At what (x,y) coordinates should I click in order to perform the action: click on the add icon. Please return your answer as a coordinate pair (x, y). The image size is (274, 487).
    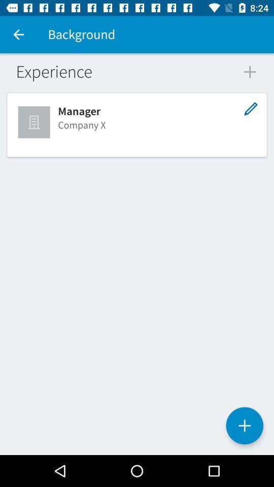
    Looking at the image, I should click on (244, 426).